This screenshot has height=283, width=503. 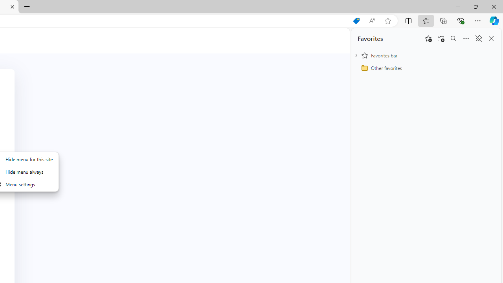 What do you see at coordinates (441, 39) in the screenshot?
I see `'Add folder'` at bounding box center [441, 39].